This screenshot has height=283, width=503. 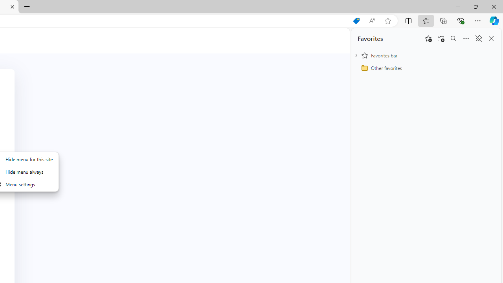 What do you see at coordinates (441, 39) in the screenshot?
I see `'Add folder'` at bounding box center [441, 39].